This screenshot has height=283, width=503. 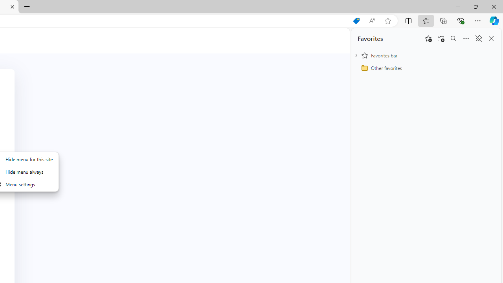 What do you see at coordinates (441, 39) in the screenshot?
I see `'Add folder'` at bounding box center [441, 39].